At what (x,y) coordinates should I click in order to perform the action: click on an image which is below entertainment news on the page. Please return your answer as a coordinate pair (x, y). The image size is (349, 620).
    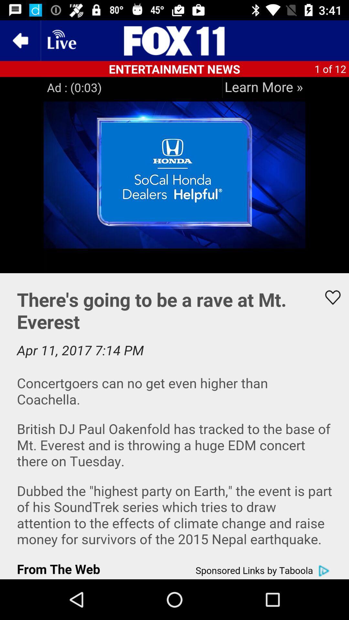
    Looking at the image, I should click on (174, 175).